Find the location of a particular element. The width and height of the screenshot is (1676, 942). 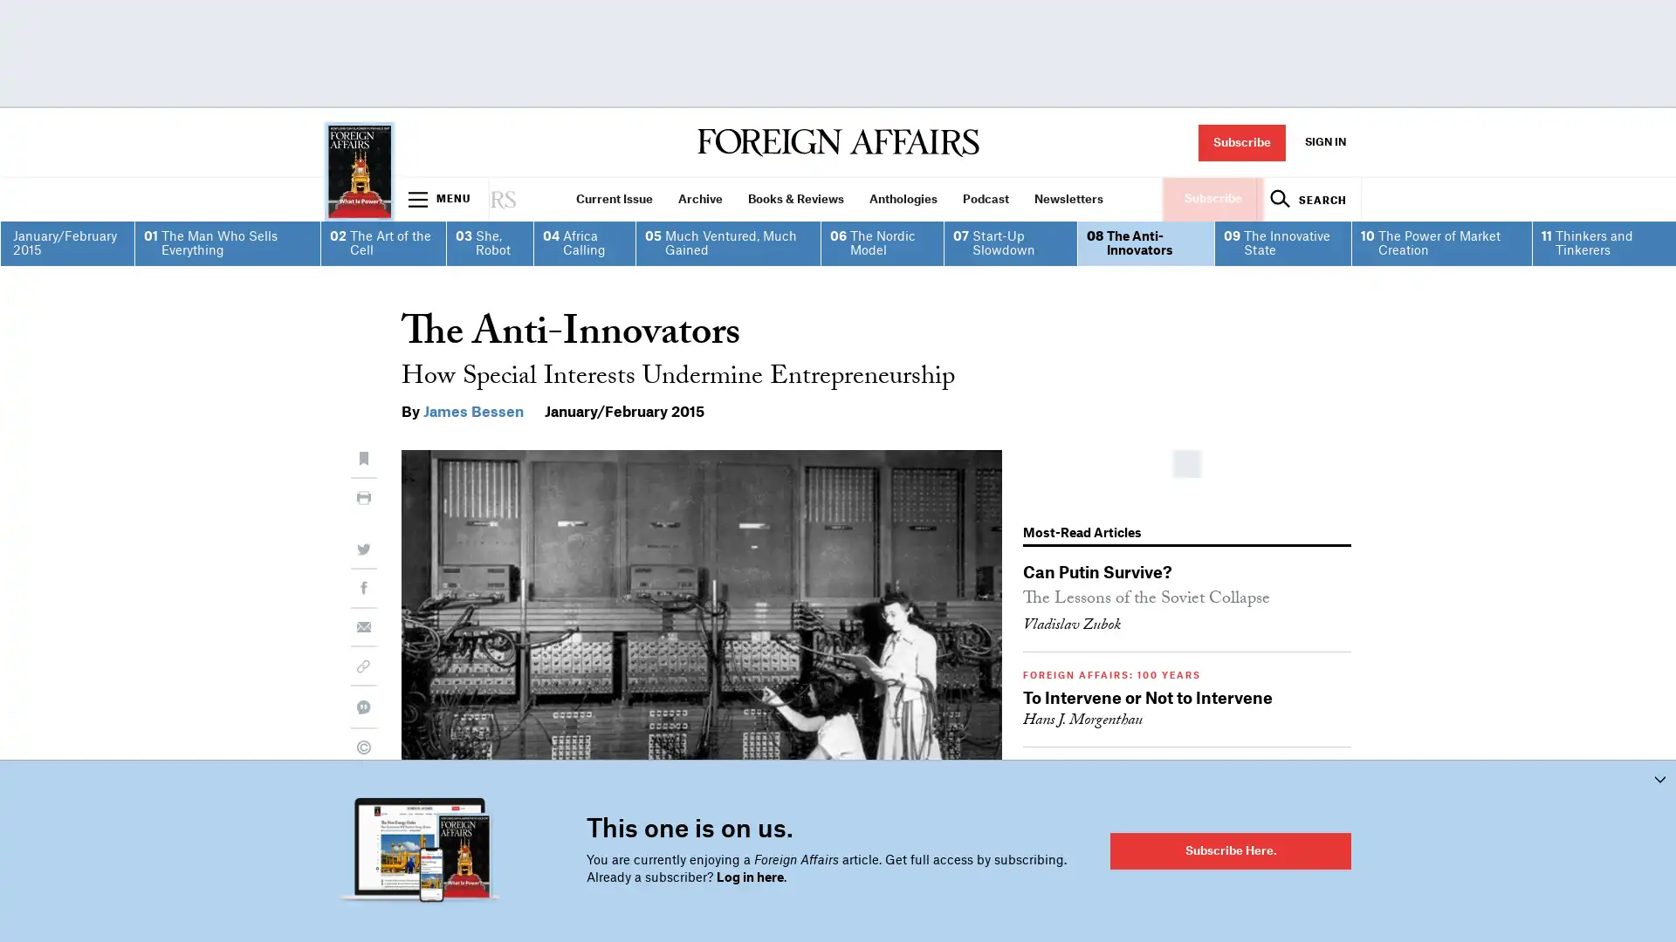

Toggle overflow menu navigation is located at coordinates (441, 198).